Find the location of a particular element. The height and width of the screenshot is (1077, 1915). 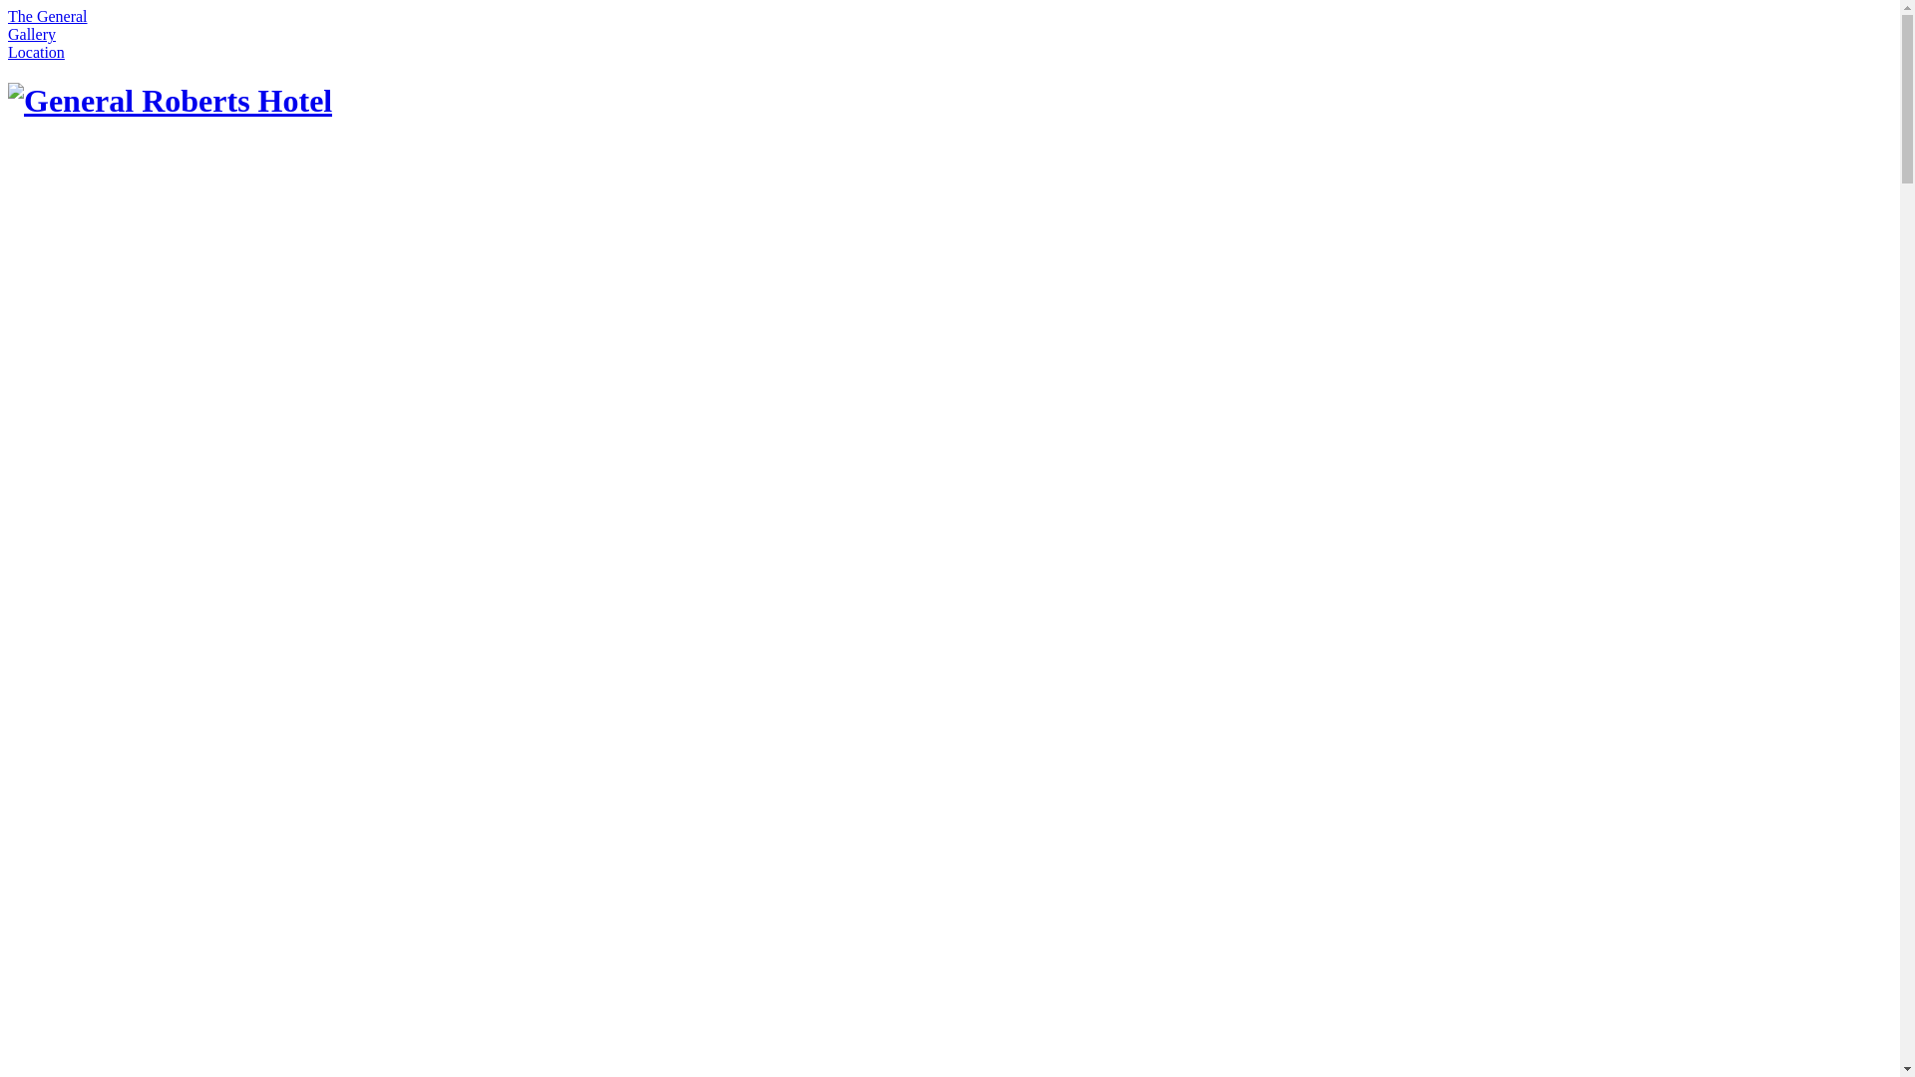

'Location' is located at coordinates (36, 51).